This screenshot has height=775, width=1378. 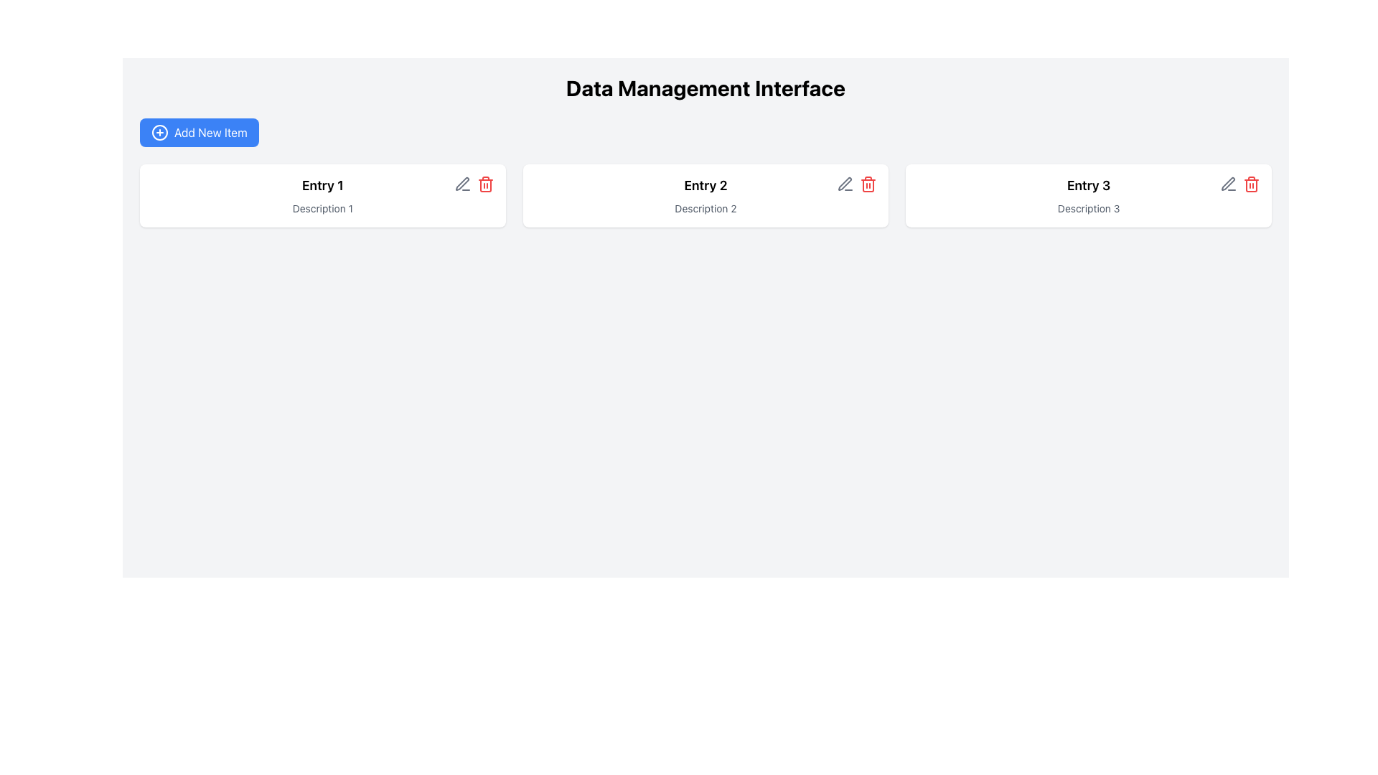 What do you see at coordinates (845, 184) in the screenshot?
I see `the pen icon button located at the top-right corner of the 'Entry 2 Description 2' card to change its color` at bounding box center [845, 184].